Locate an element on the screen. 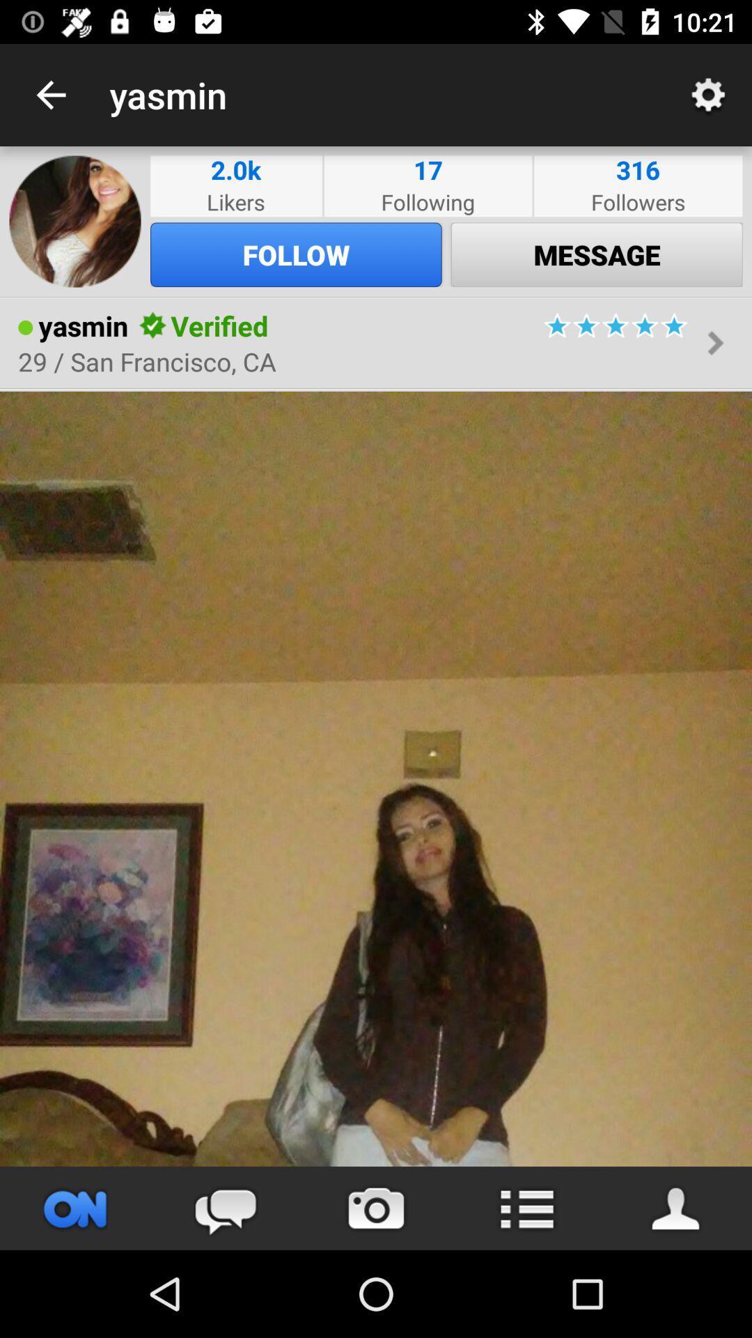 The height and width of the screenshot is (1338, 752). on is located at coordinates (75, 1208).